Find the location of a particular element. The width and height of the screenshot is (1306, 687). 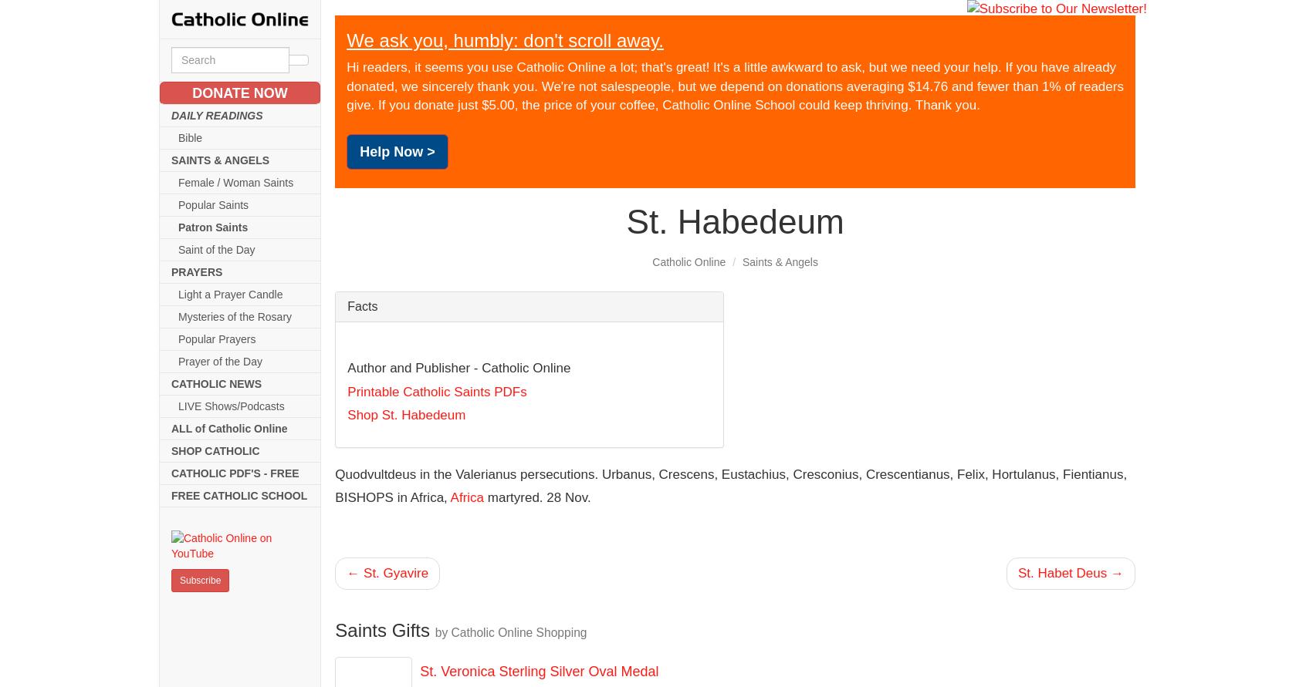

'We ask you, humbly: don't scroll away.' is located at coordinates (504, 40).